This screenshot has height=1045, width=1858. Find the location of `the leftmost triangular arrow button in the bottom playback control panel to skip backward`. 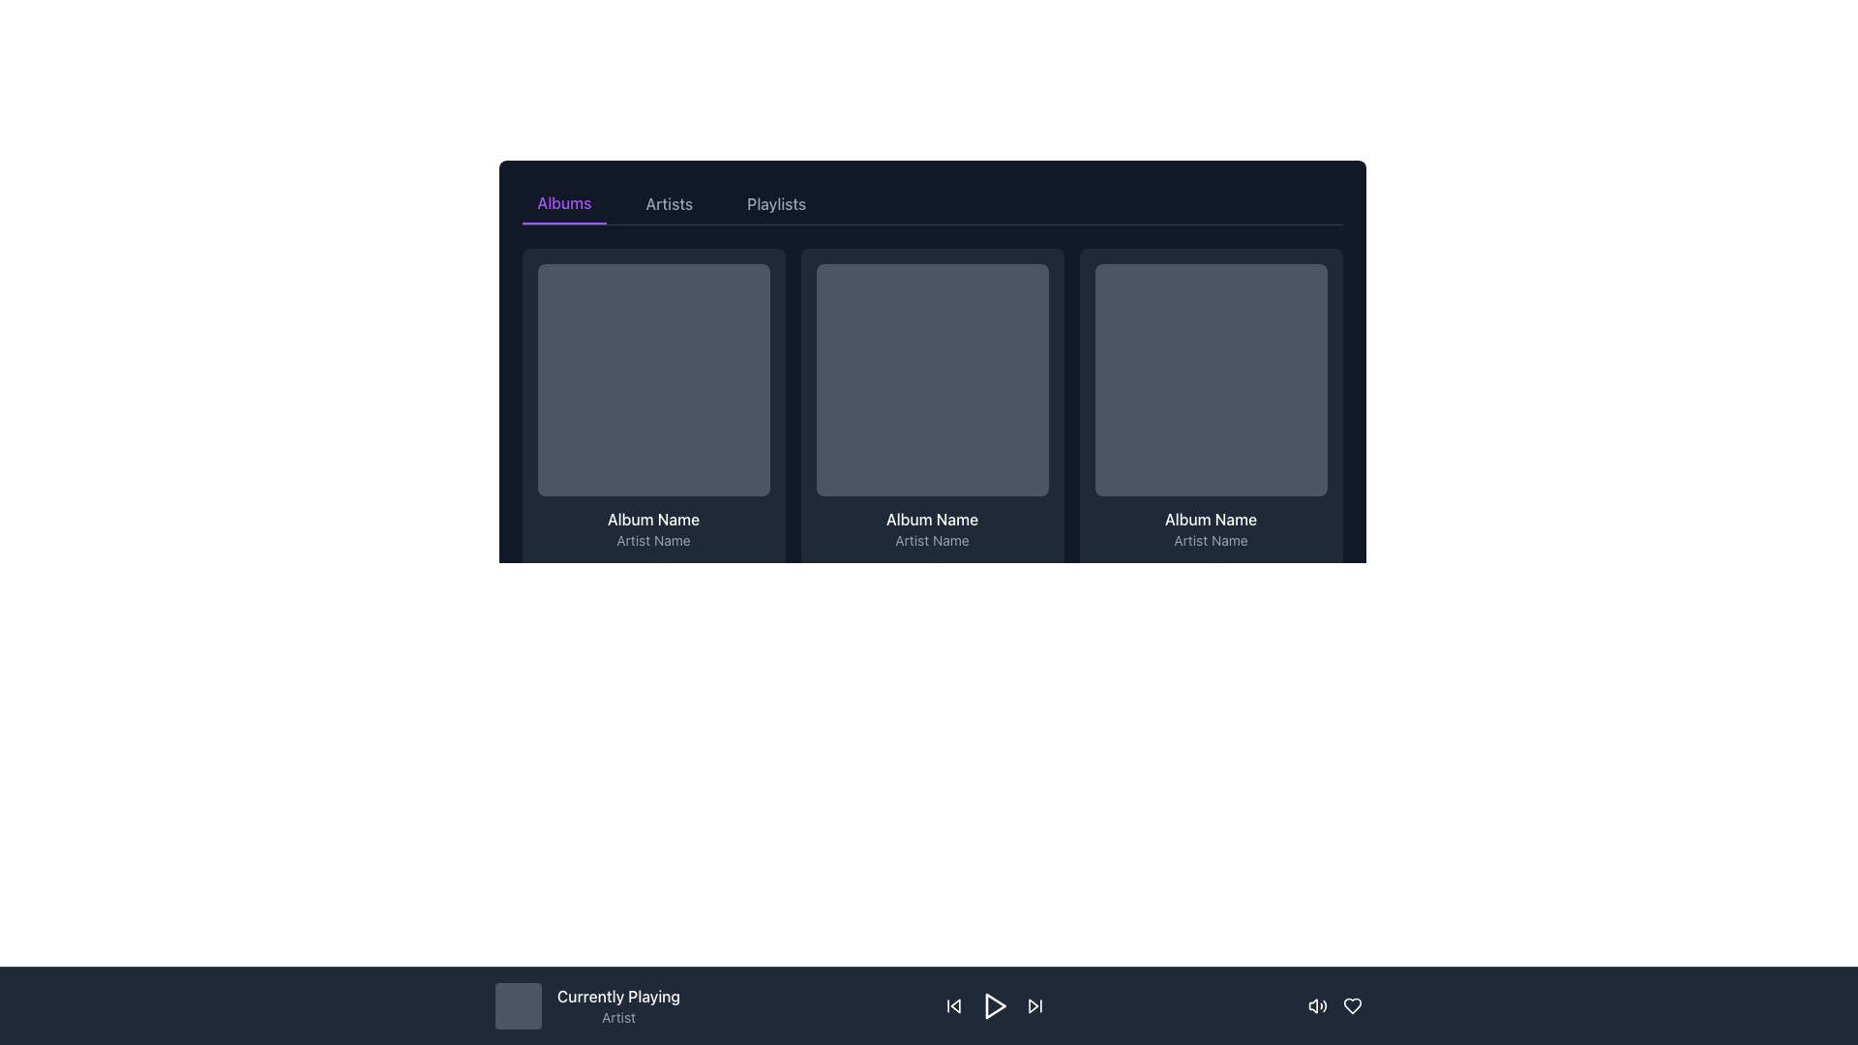

the leftmost triangular arrow button in the bottom playback control panel to skip backward is located at coordinates (955, 1005).